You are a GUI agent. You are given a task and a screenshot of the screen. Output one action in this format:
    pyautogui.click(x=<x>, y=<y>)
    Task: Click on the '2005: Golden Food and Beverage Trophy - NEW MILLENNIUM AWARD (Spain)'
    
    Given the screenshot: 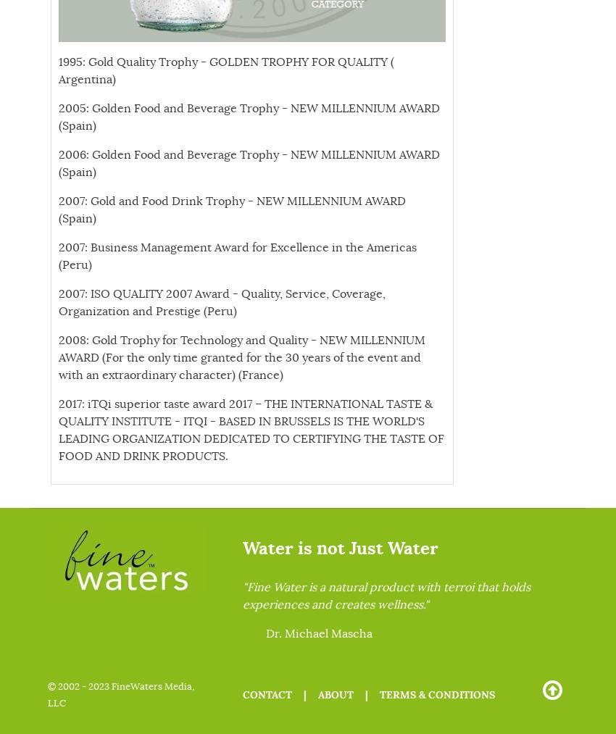 What is the action you would take?
    pyautogui.click(x=248, y=117)
    